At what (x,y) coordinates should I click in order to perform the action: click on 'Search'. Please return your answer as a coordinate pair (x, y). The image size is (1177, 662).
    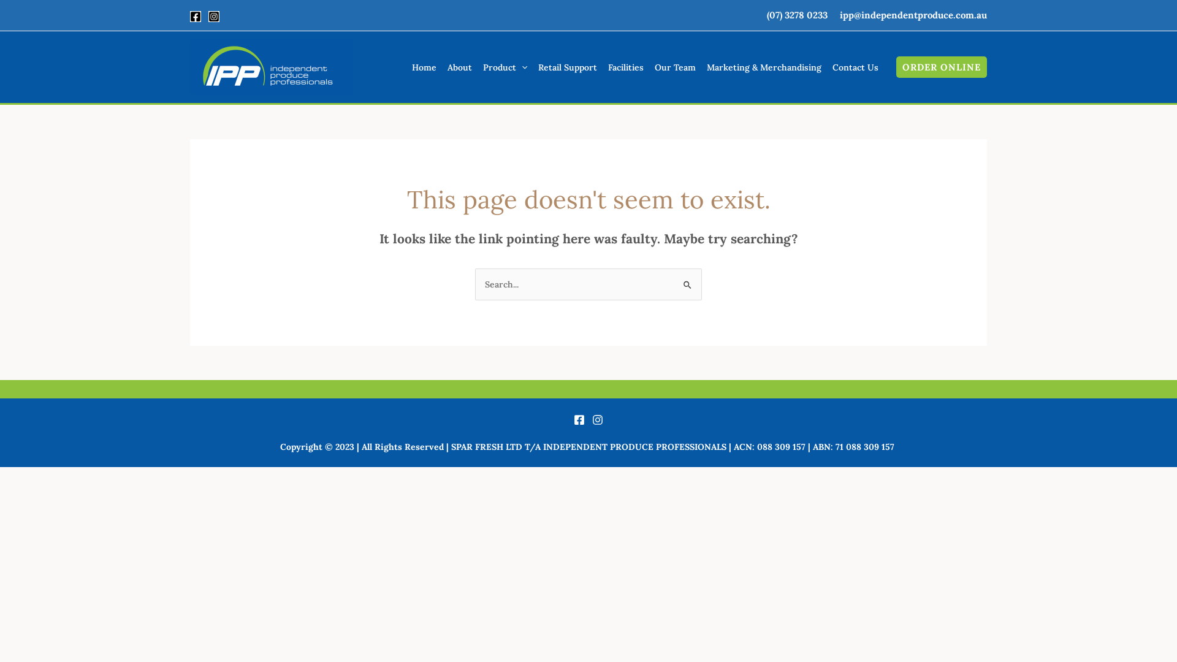
    Looking at the image, I should click on (673, 281).